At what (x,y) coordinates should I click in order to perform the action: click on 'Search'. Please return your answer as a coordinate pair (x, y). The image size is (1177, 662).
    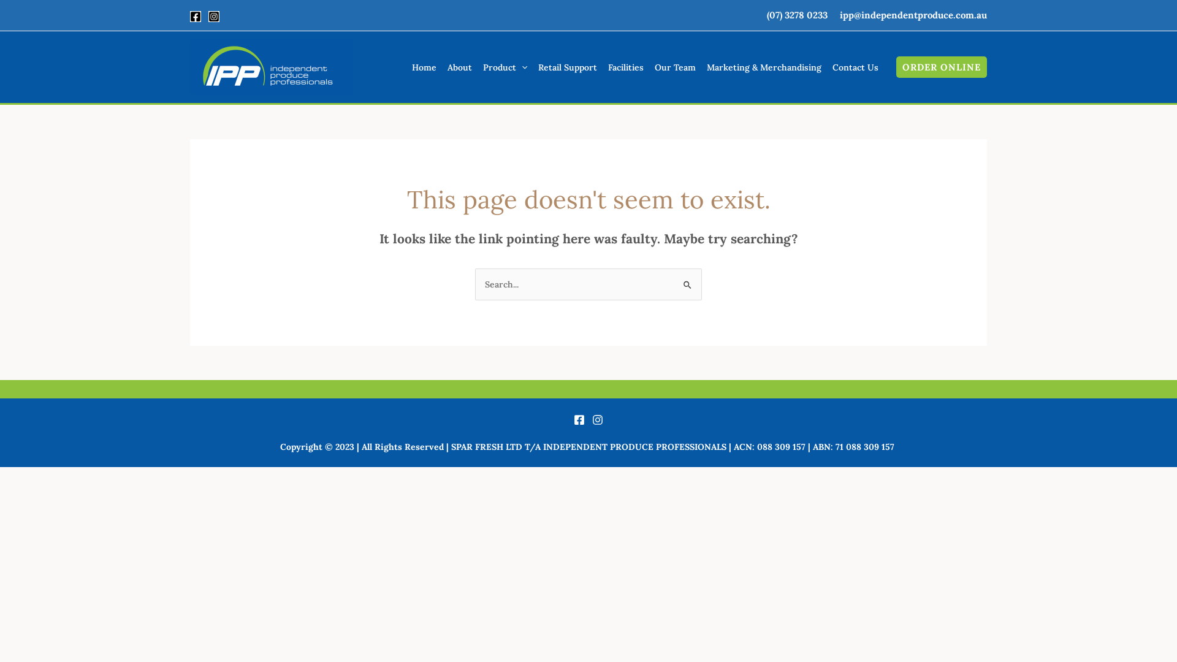
    Looking at the image, I should click on (673, 281).